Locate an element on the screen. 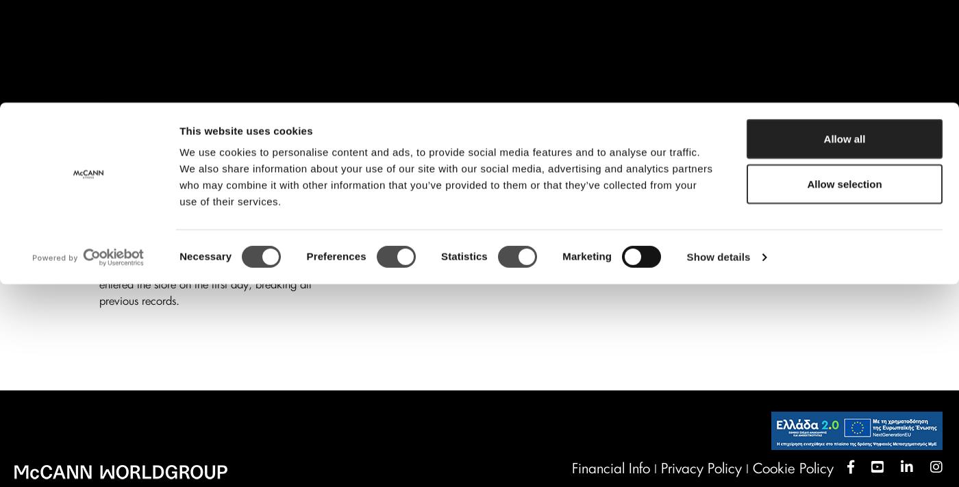 Image resolution: width=959 pixels, height=487 pixels. 'Preferences' is located at coordinates (335, 179).